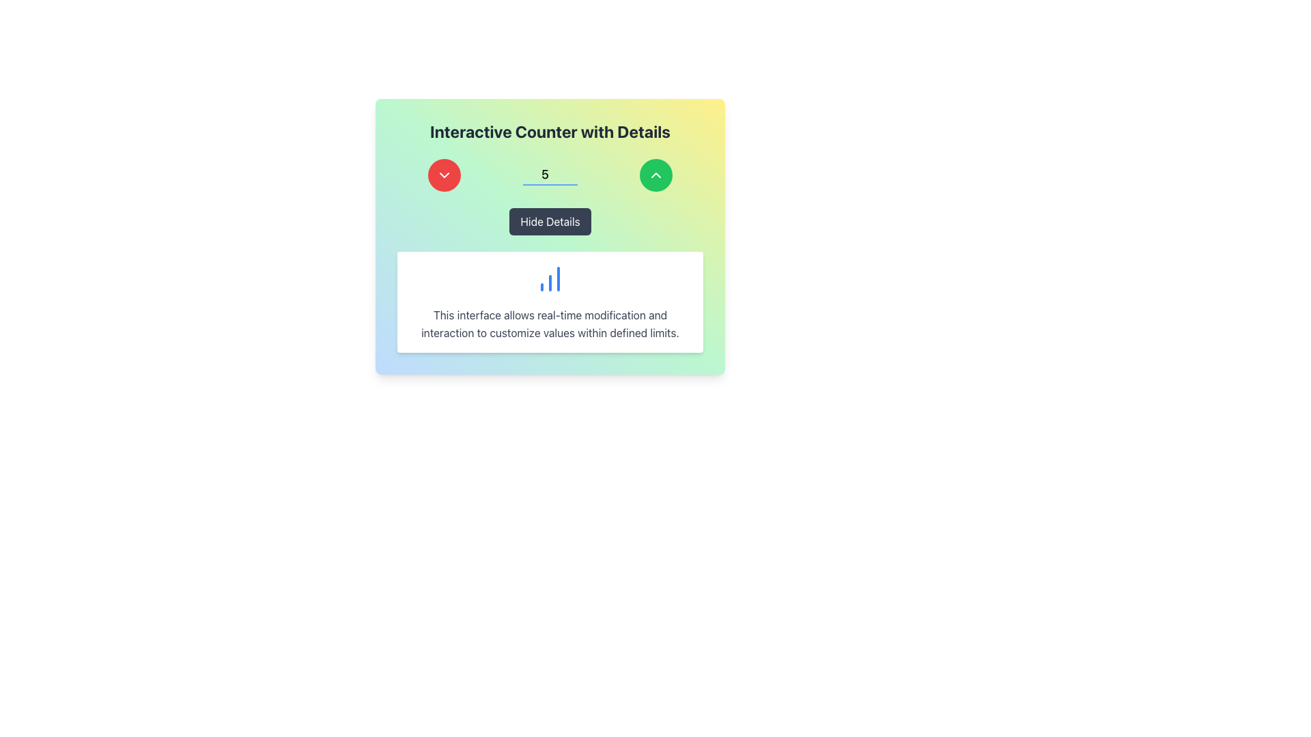 The width and height of the screenshot is (1311, 737). I want to click on the left-most button located below the text 'Interactive Counter with Details' to decrement the counter value, so click(445, 175).